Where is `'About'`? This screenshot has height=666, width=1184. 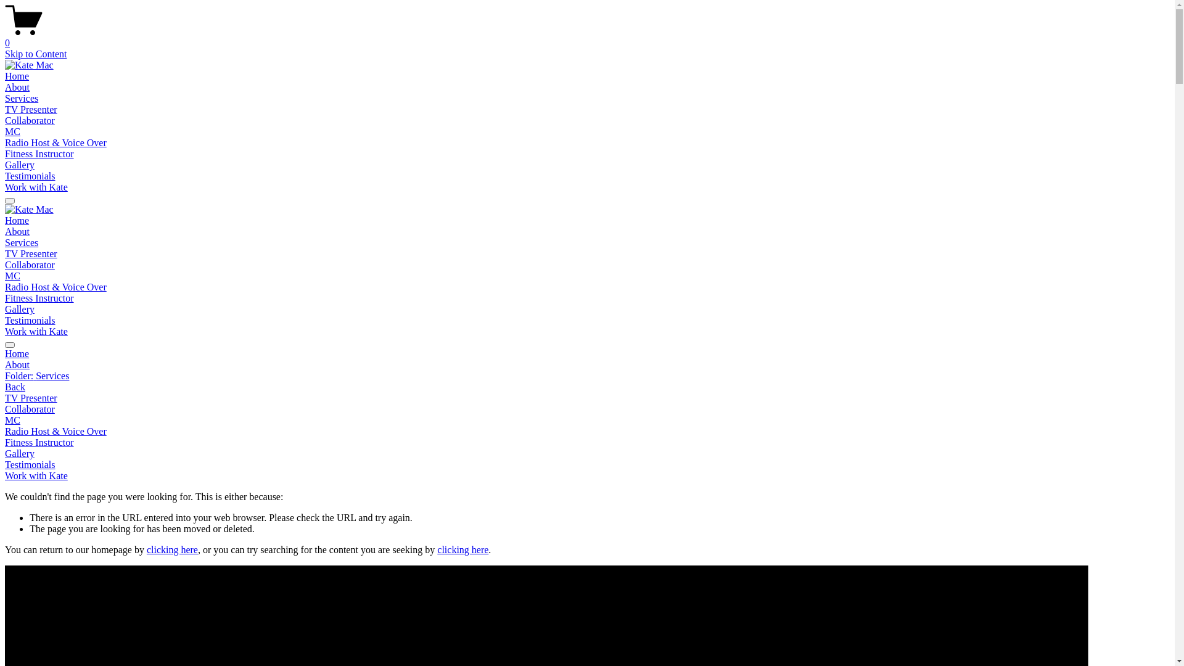
'About' is located at coordinates (17, 86).